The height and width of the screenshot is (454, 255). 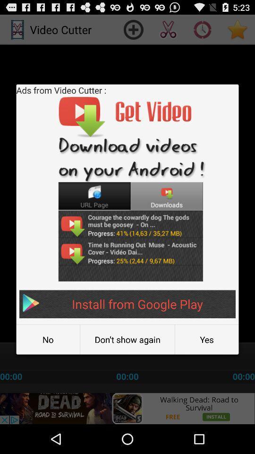 I want to click on the yes button, so click(x=206, y=340).